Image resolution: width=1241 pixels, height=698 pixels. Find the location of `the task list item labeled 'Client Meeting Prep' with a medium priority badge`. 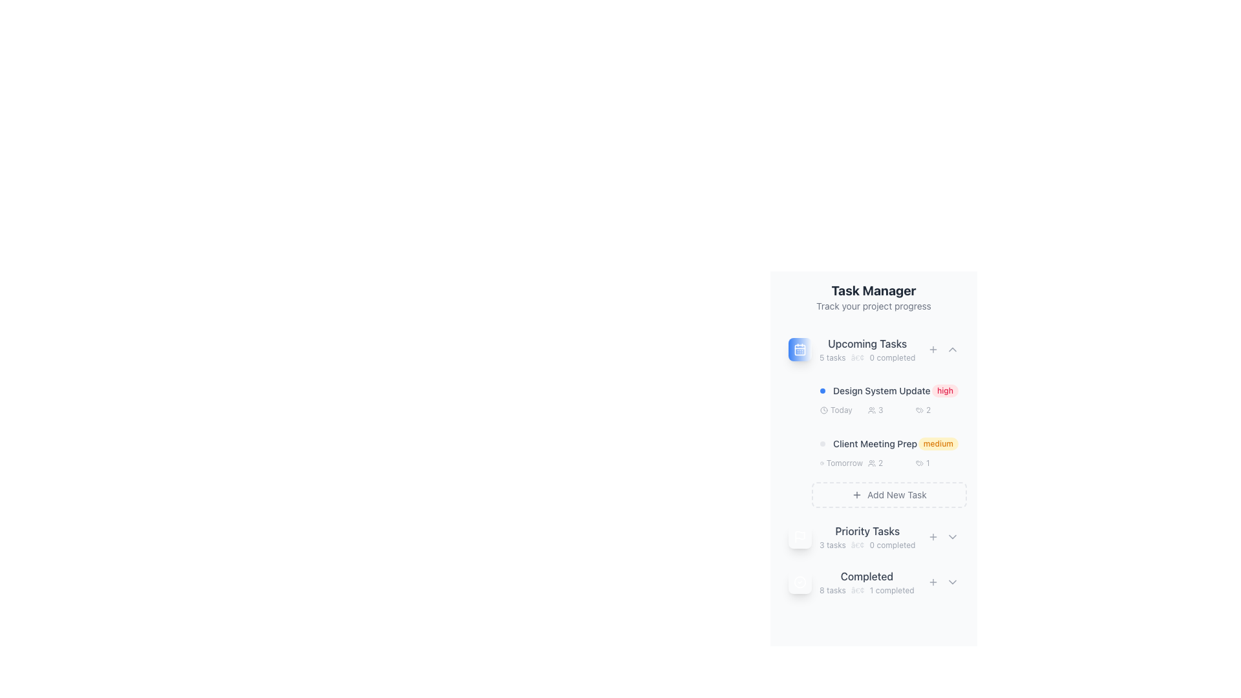

the task list item labeled 'Client Meeting Prep' with a medium priority badge is located at coordinates (889, 452).